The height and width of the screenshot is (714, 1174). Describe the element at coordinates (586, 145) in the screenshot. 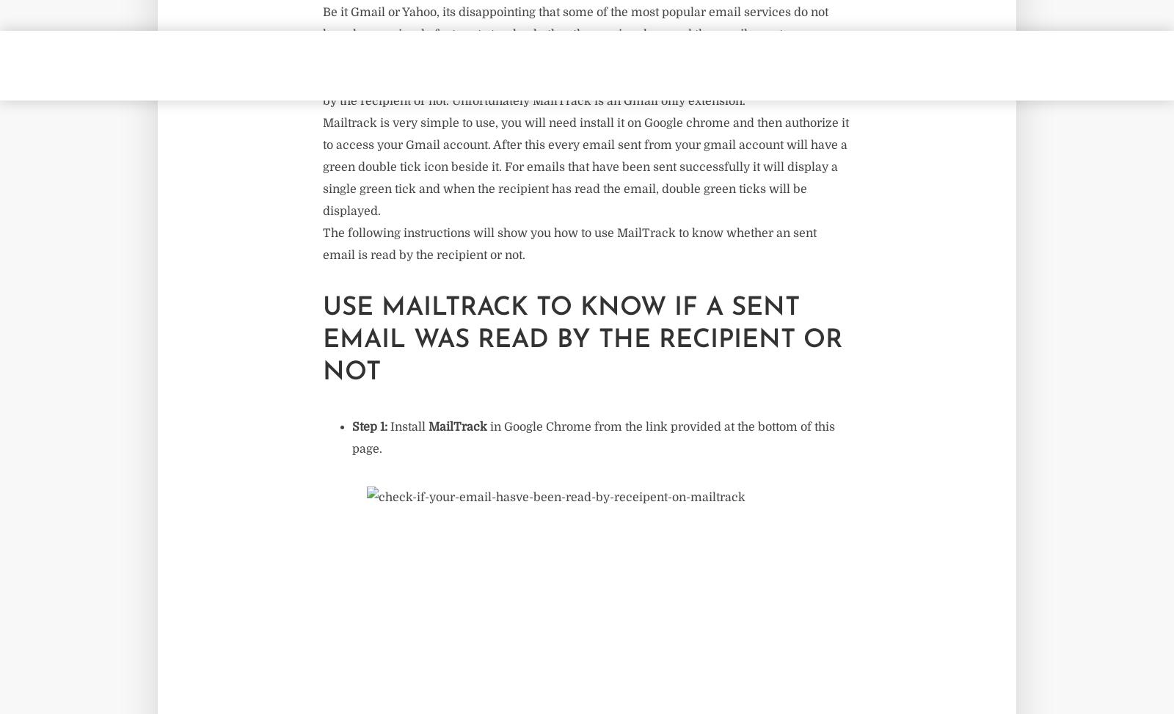

I see `'To Top'` at that location.